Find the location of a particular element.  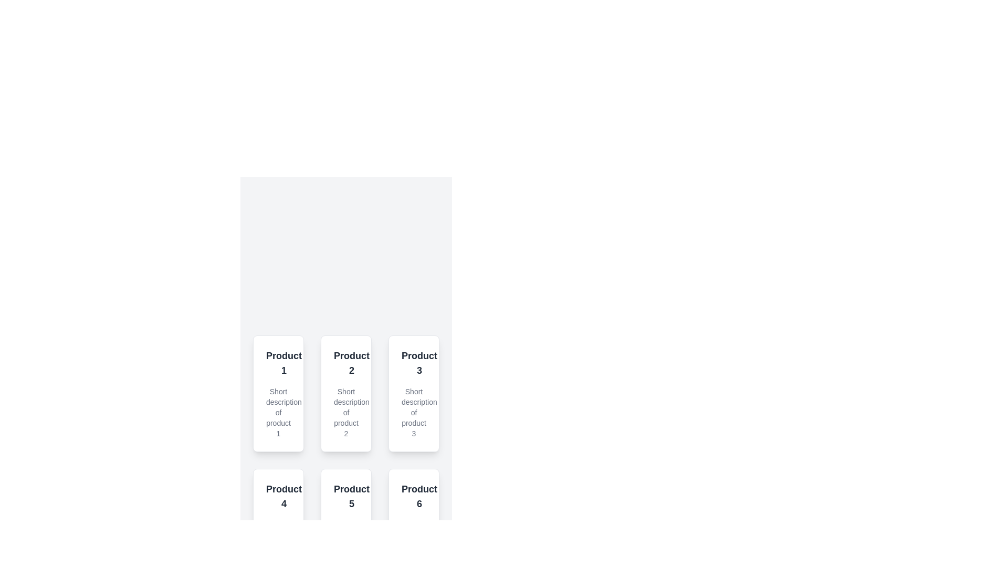

the static text label that presents the name of 'Product 4', located in the second row, first column of the product grid is located at coordinates (278, 496).